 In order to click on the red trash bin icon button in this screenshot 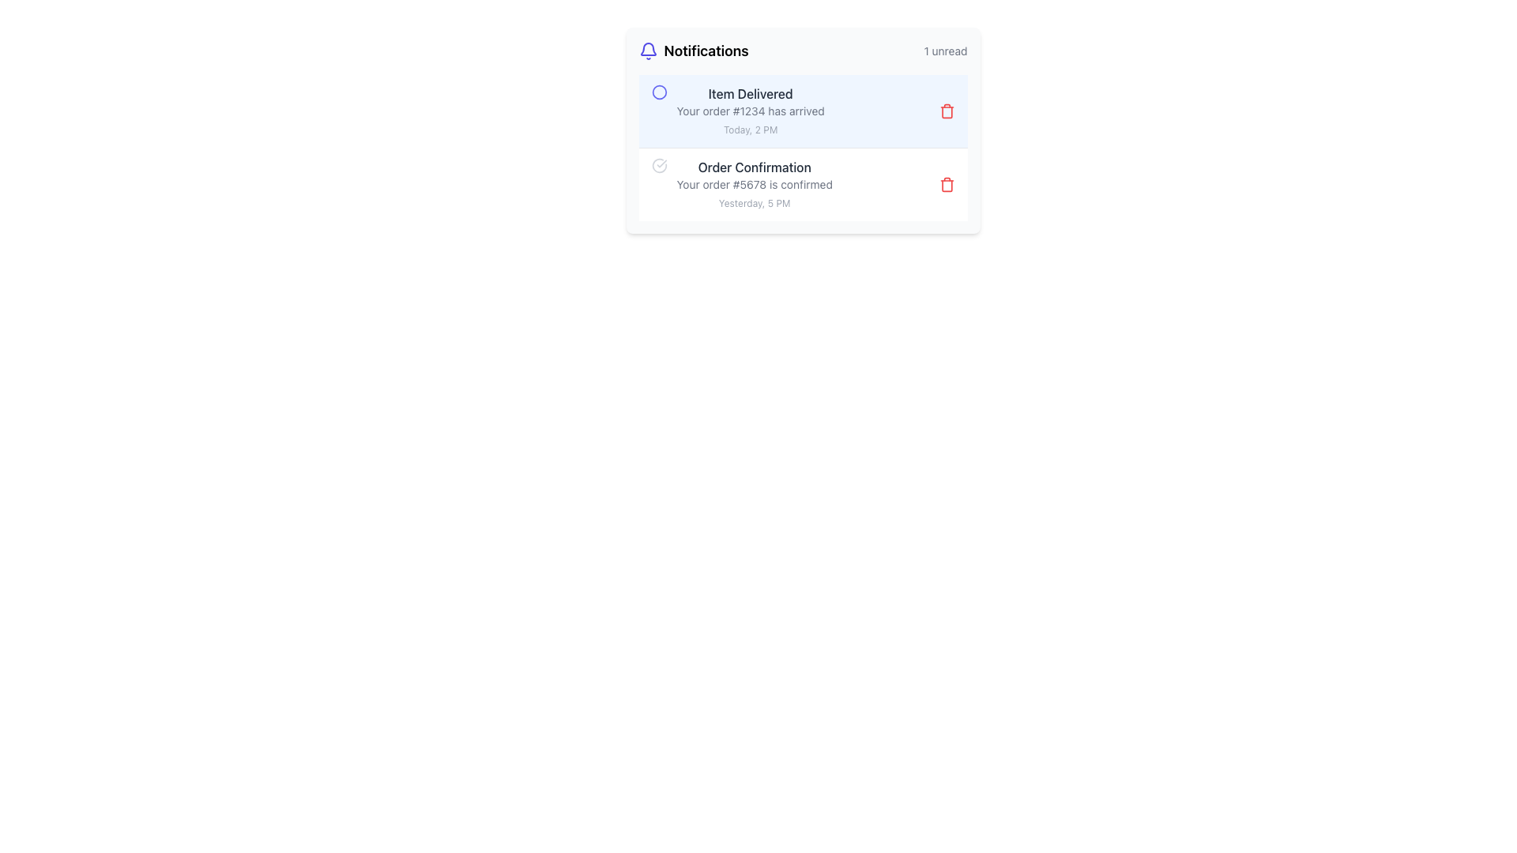, I will do `click(947, 184)`.